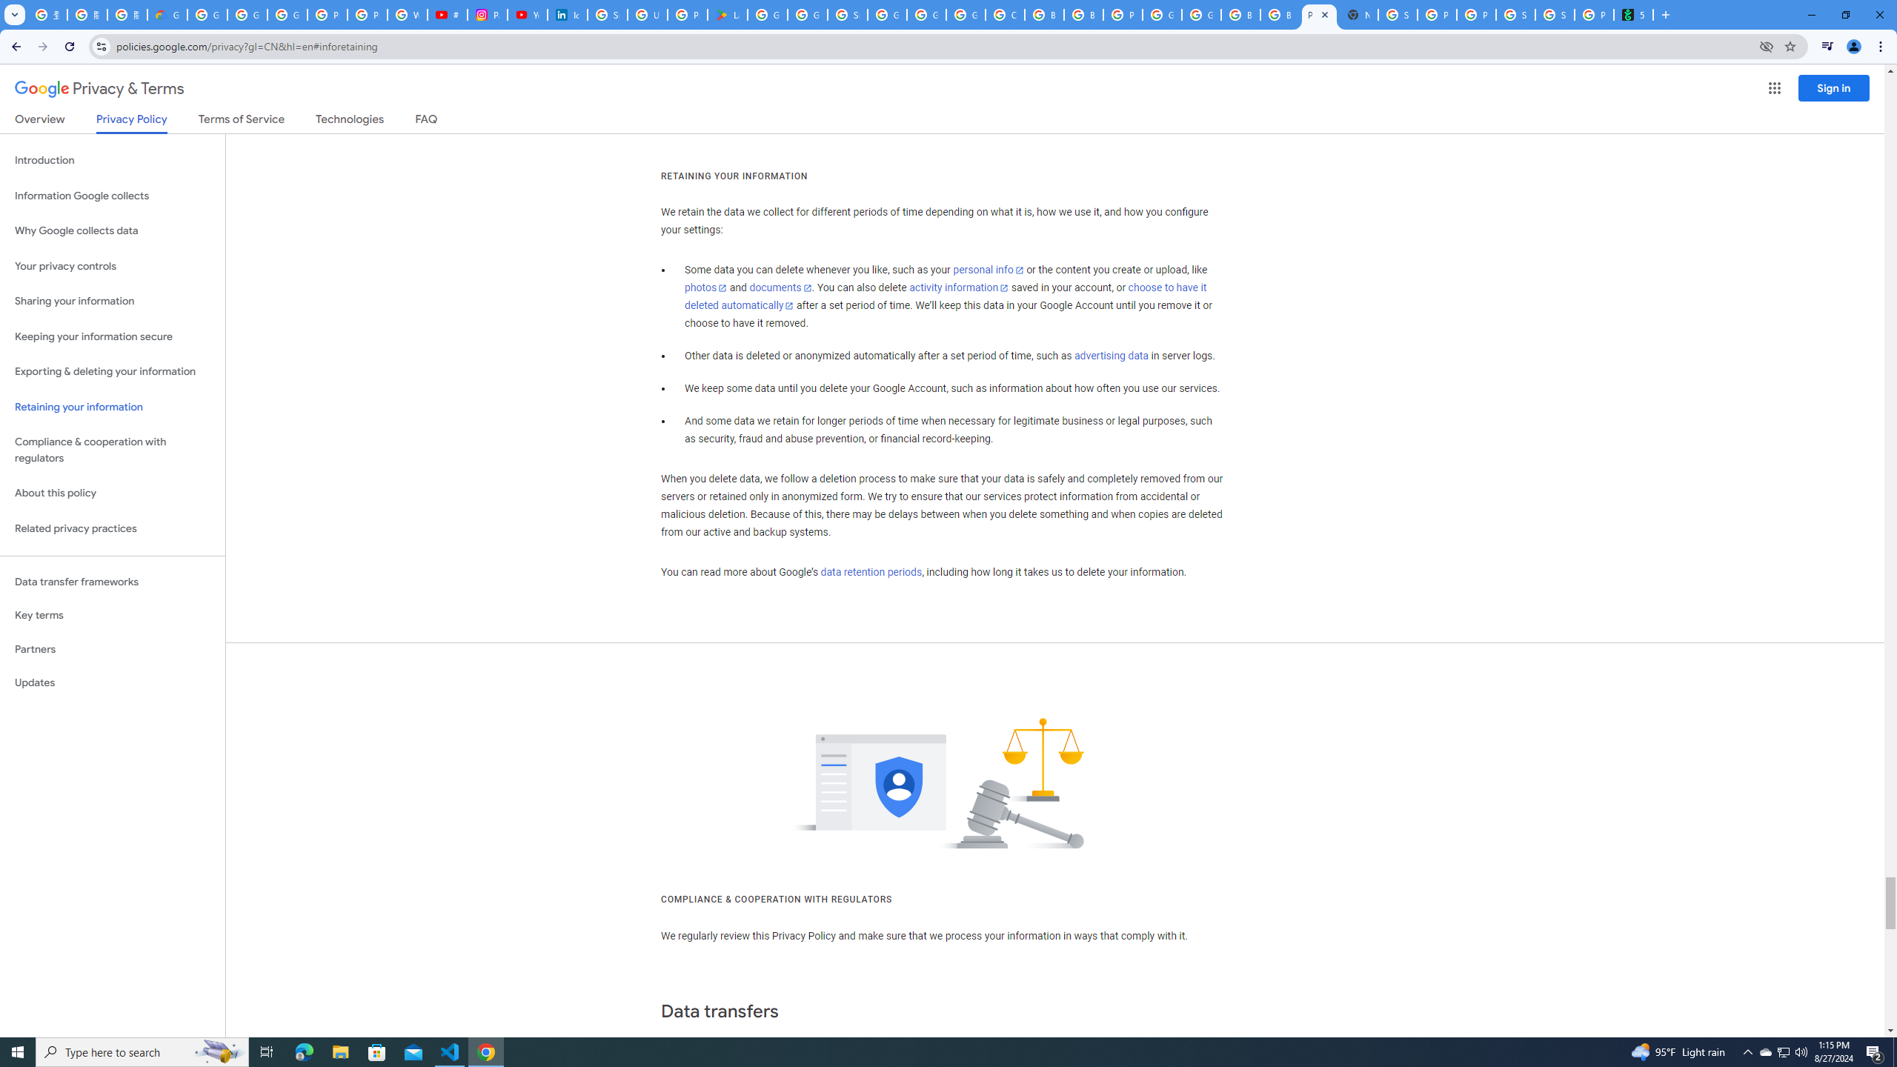 The image size is (1897, 1067). I want to click on 'choose to have it deleted automatically', so click(945, 297).